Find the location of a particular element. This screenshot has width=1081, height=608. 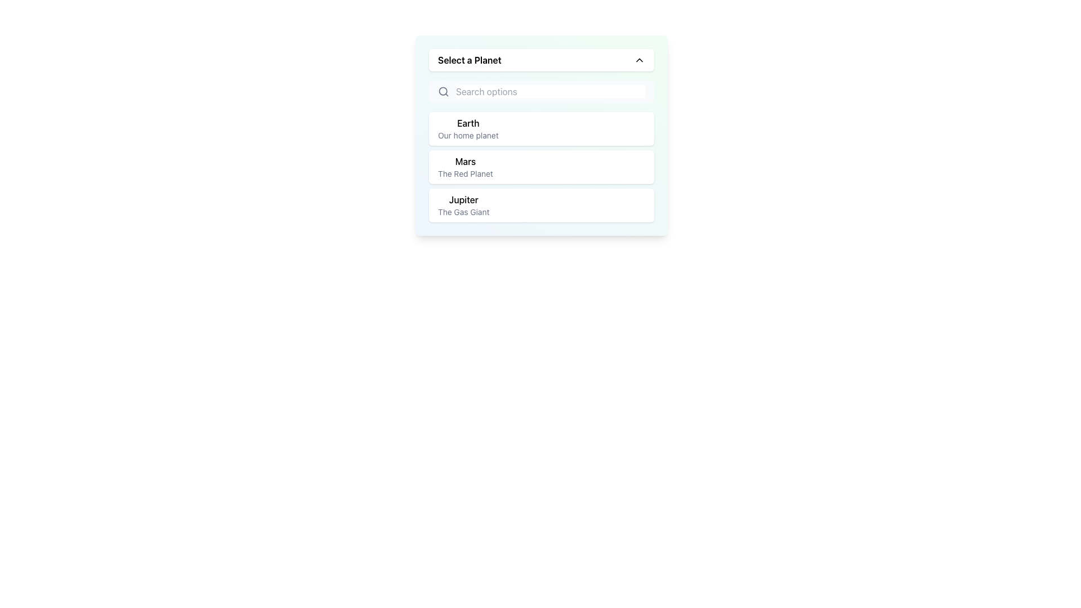

the Text Block that allows users is located at coordinates (463, 205).